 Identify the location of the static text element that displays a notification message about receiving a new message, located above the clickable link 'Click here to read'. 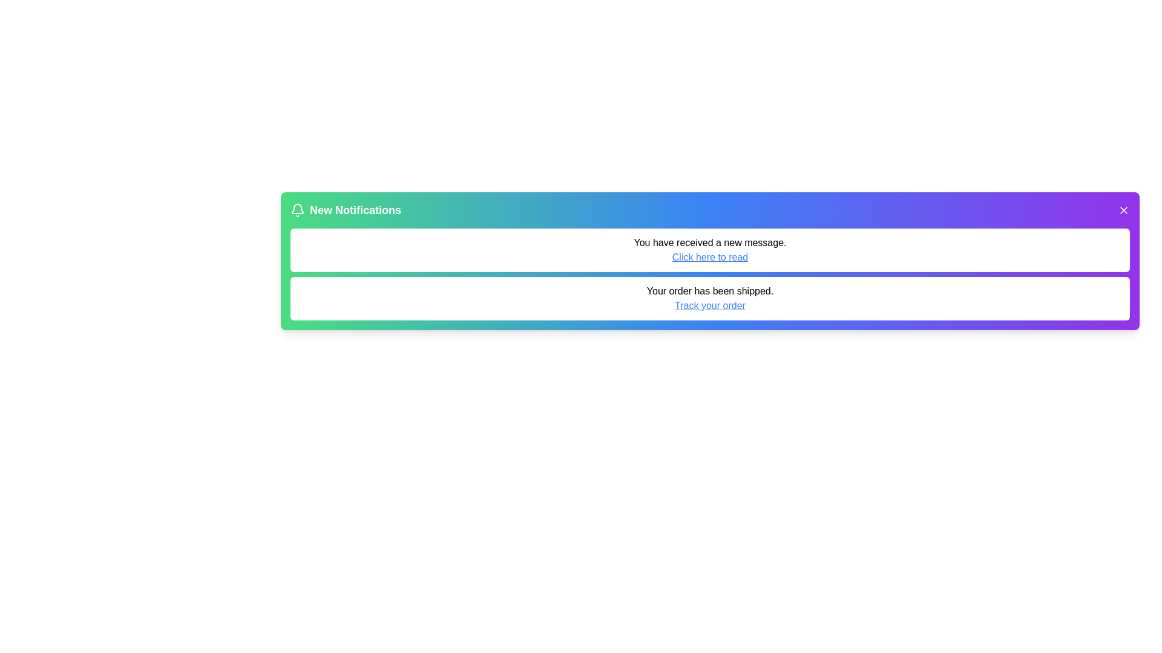
(710, 242).